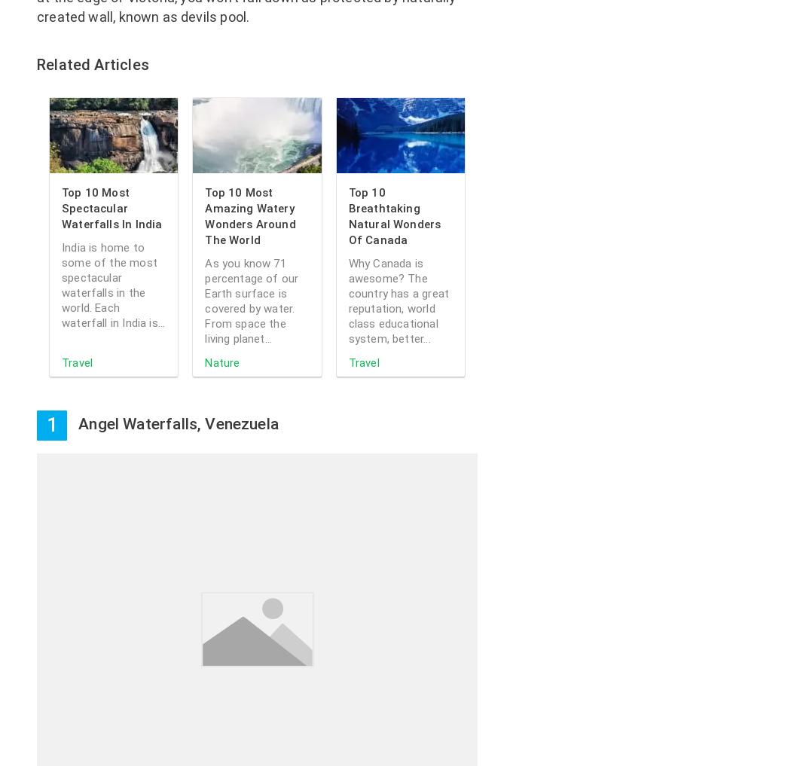 The width and height of the screenshot is (791, 766). What do you see at coordinates (250, 216) in the screenshot?
I see `'Top 10 Most Amazing Watery Wonders Around The World'` at bounding box center [250, 216].